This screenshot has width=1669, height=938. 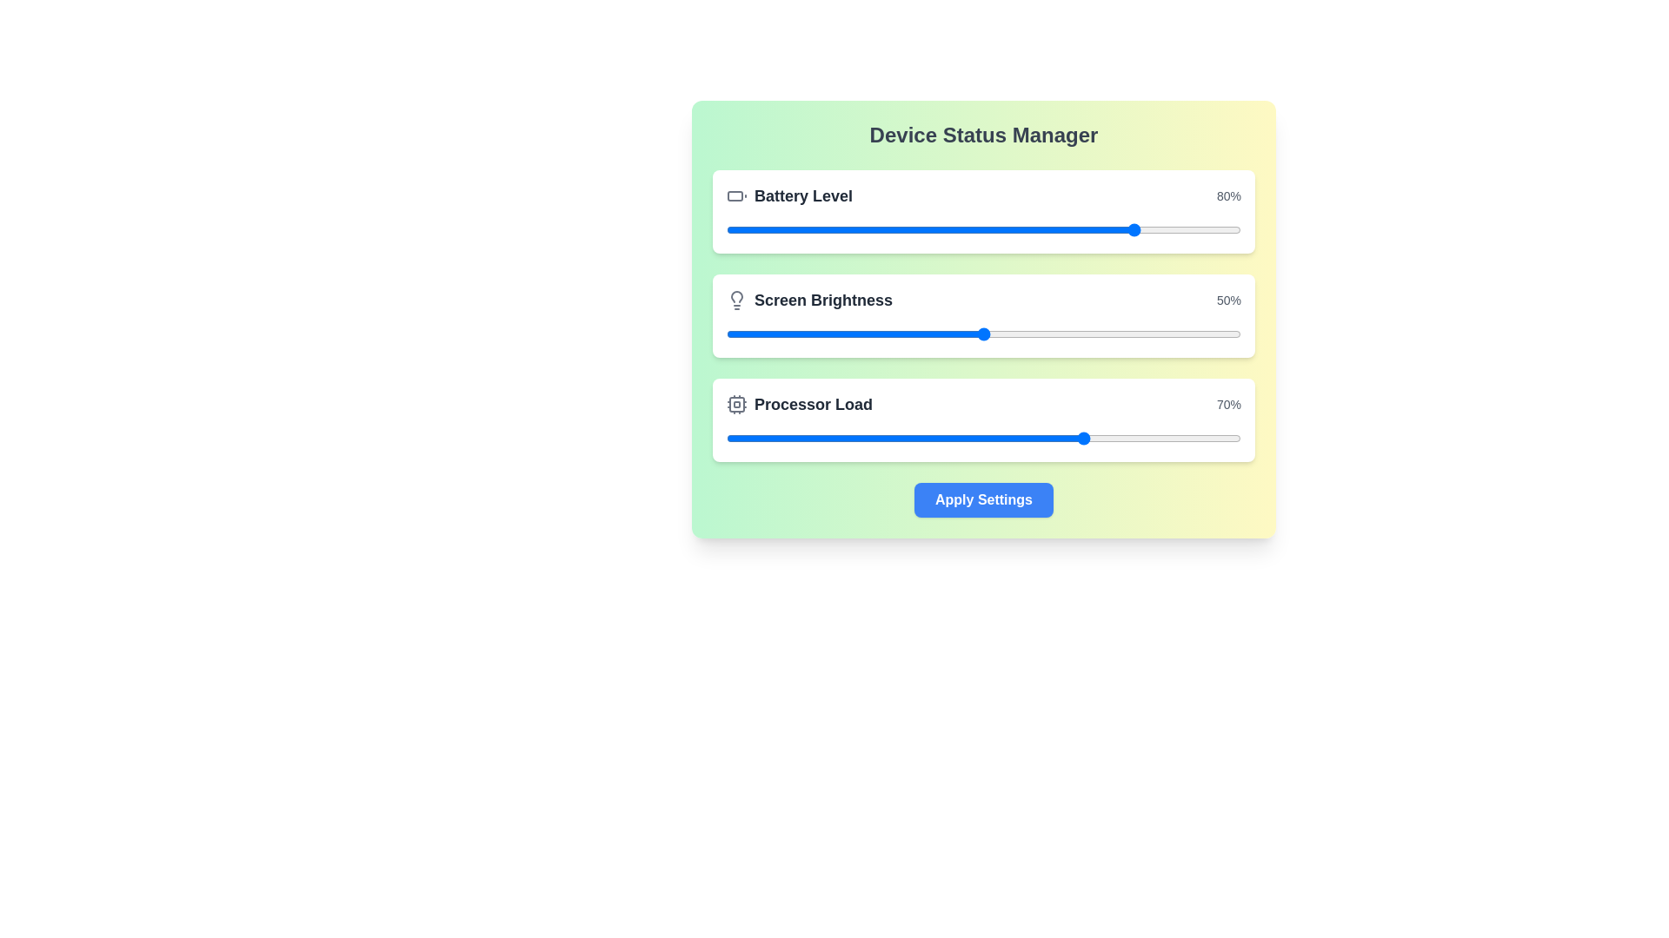 I want to click on Processor Load, so click(x=726, y=438).